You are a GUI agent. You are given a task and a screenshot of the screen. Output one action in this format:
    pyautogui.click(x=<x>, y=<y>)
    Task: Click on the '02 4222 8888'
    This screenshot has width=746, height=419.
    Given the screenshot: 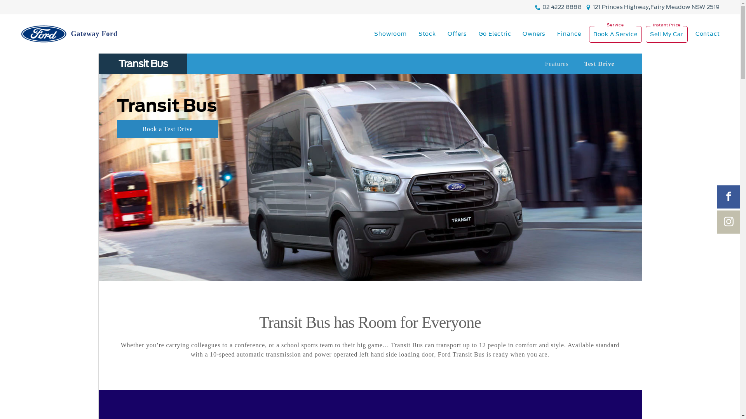 What is the action you would take?
    pyautogui.click(x=542, y=7)
    